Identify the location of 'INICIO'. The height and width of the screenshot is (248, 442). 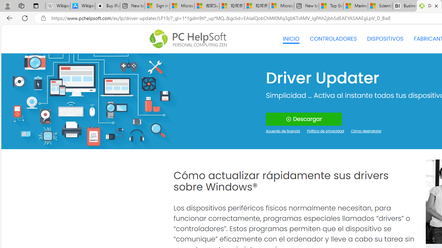
(291, 39).